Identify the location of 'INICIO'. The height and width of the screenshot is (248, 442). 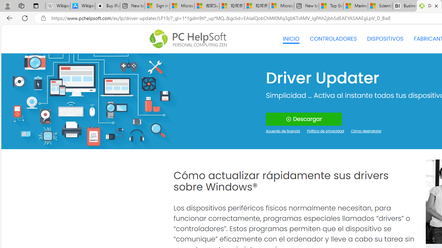
(291, 39).